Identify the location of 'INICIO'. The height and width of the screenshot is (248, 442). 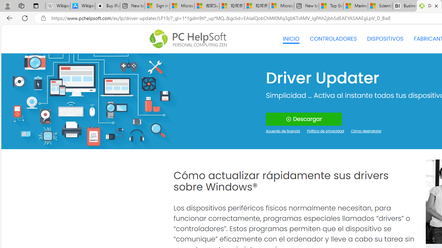
(291, 39).